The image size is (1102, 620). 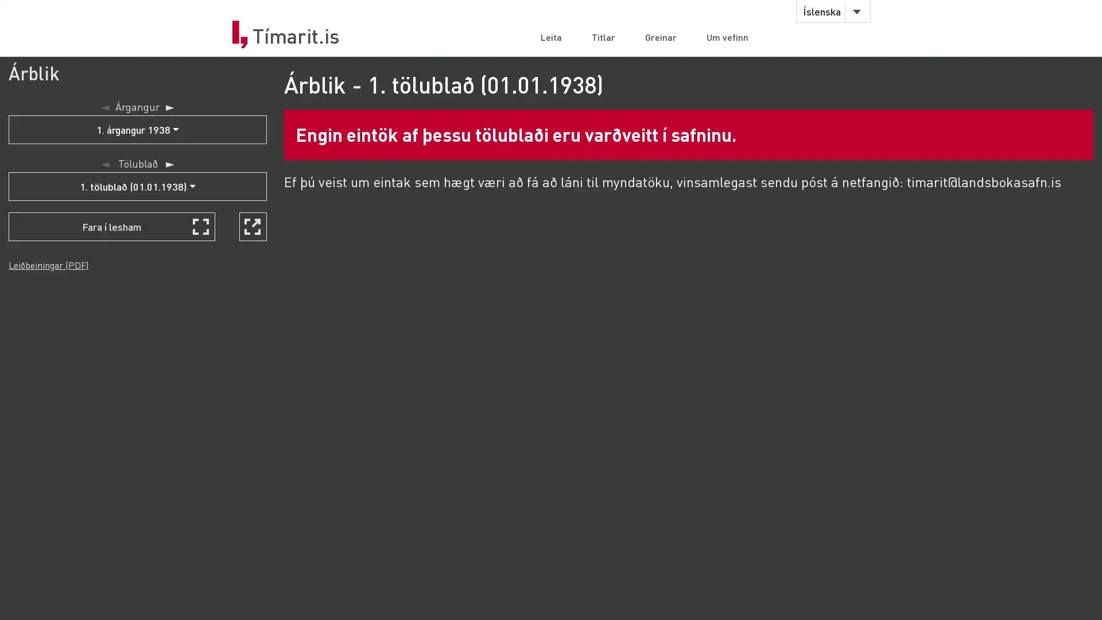 What do you see at coordinates (253, 226) in the screenshot?
I see `Skoa i nyjum glugga` at bounding box center [253, 226].